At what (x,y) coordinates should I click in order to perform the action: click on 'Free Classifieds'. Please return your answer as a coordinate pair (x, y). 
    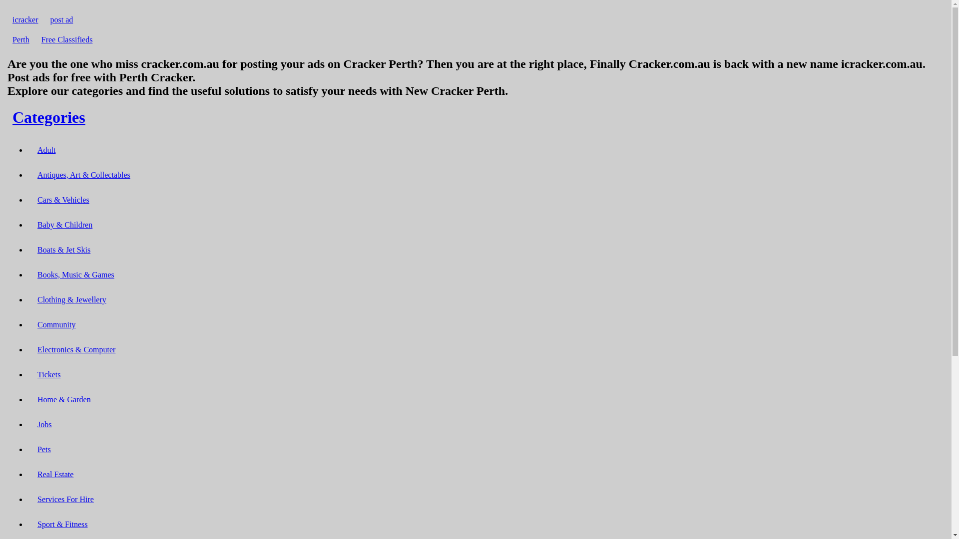
    Looking at the image, I should click on (36, 39).